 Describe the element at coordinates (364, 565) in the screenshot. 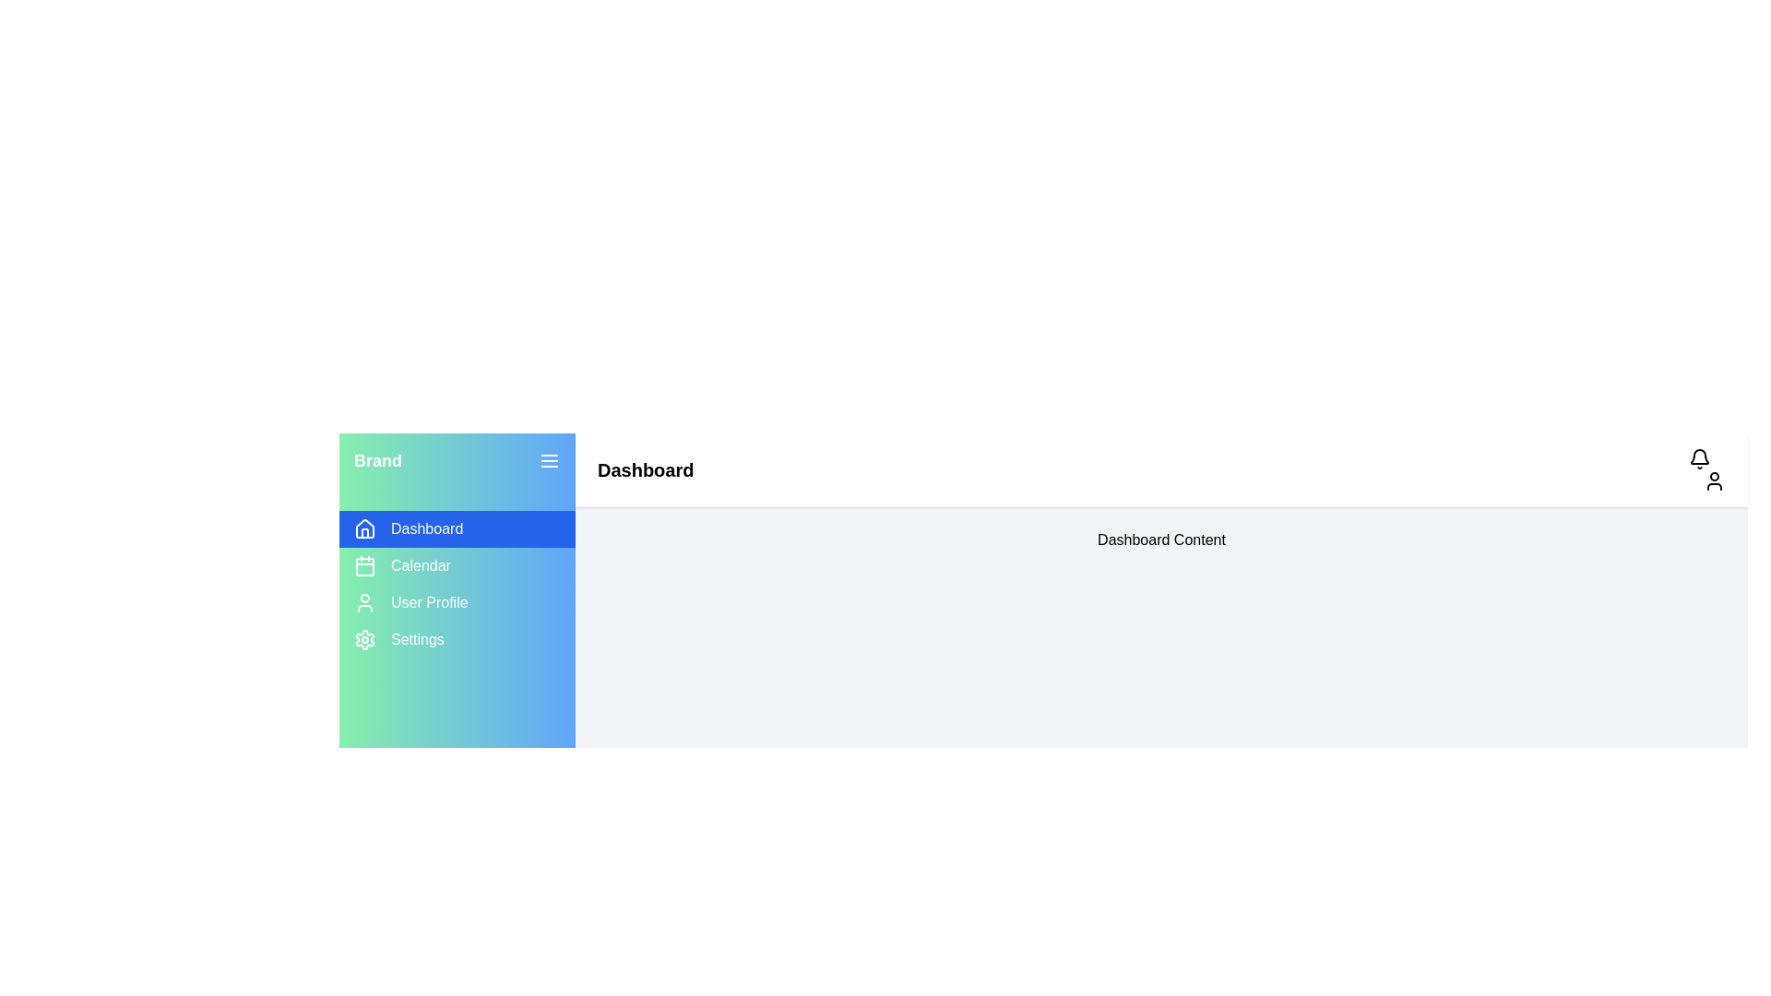

I see `the background rectangle of the 'Calendar' option in the sidebar, which is the second navigation item from the top, situated below 'Dashboard' and above 'User Profile'` at that location.